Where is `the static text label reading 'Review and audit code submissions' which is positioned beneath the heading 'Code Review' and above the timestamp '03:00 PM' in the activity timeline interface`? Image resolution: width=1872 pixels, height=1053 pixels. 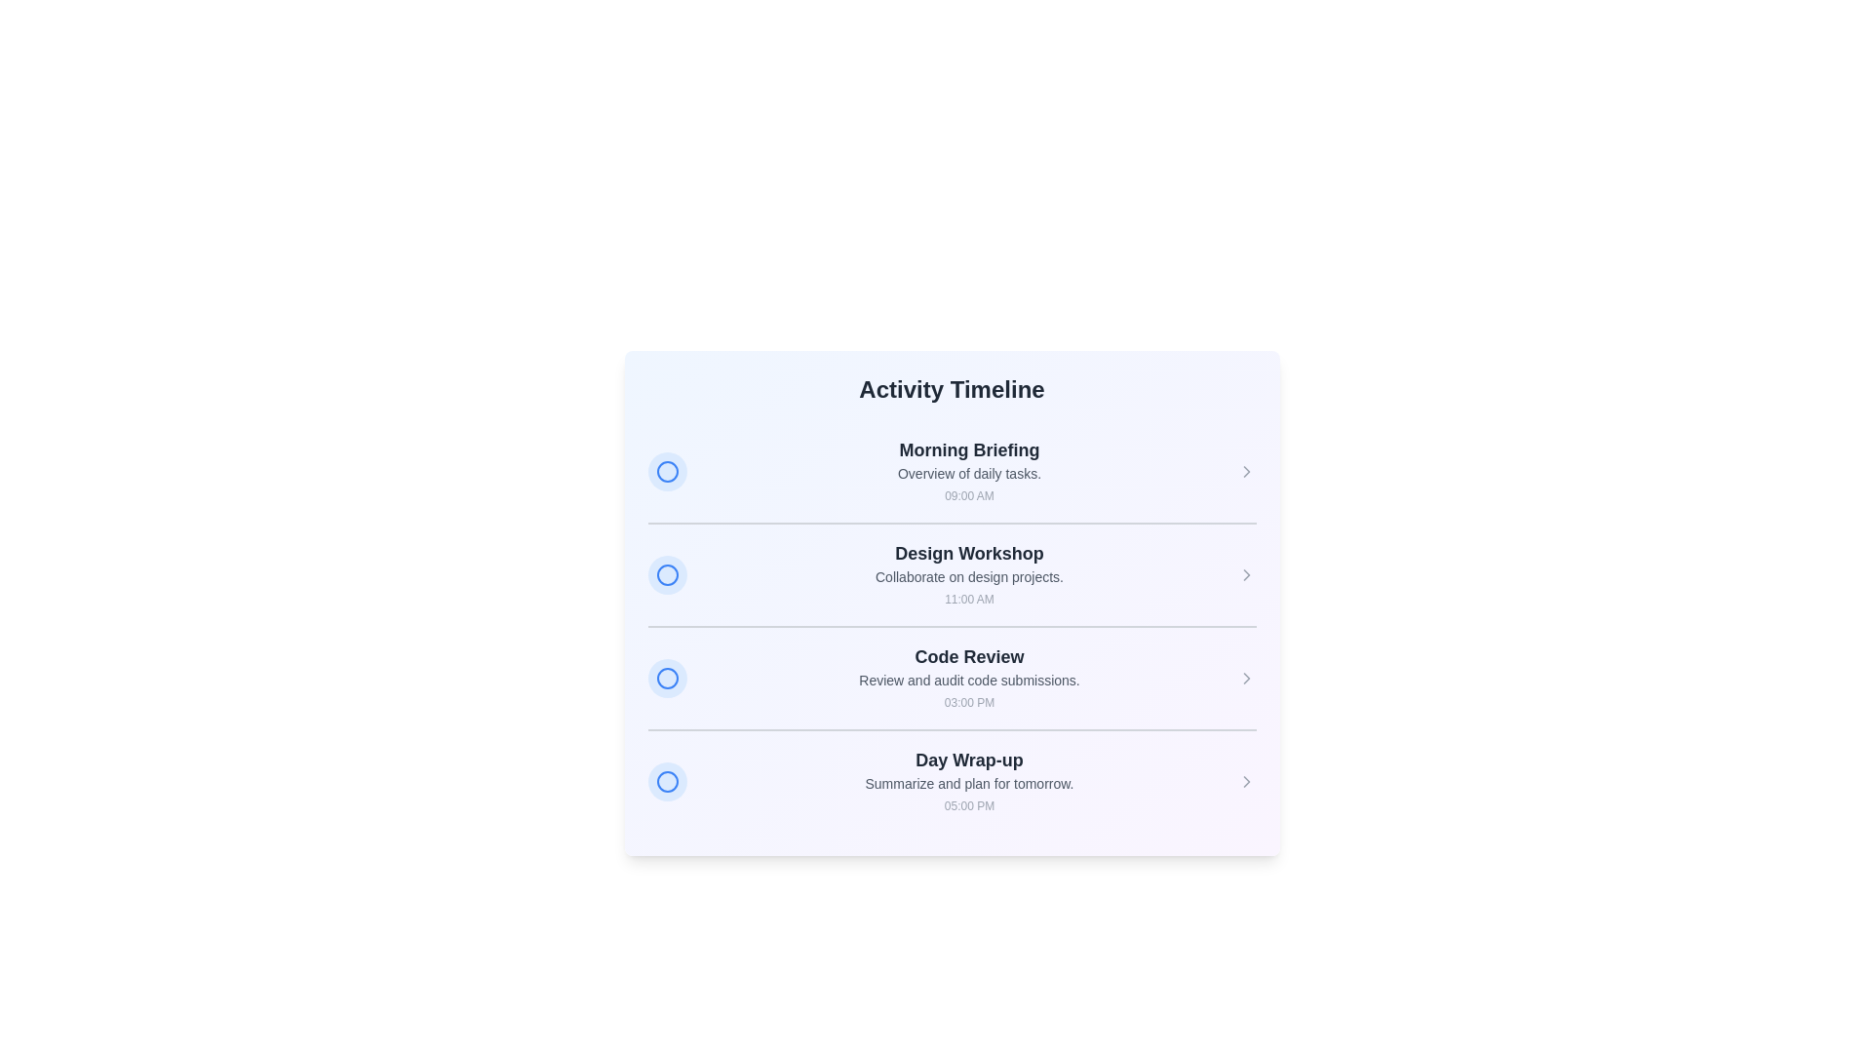 the static text label reading 'Review and audit code submissions' which is positioned beneath the heading 'Code Review' and above the timestamp '03:00 PM' in the activity timeline interface is located at coordinates (969, 680).